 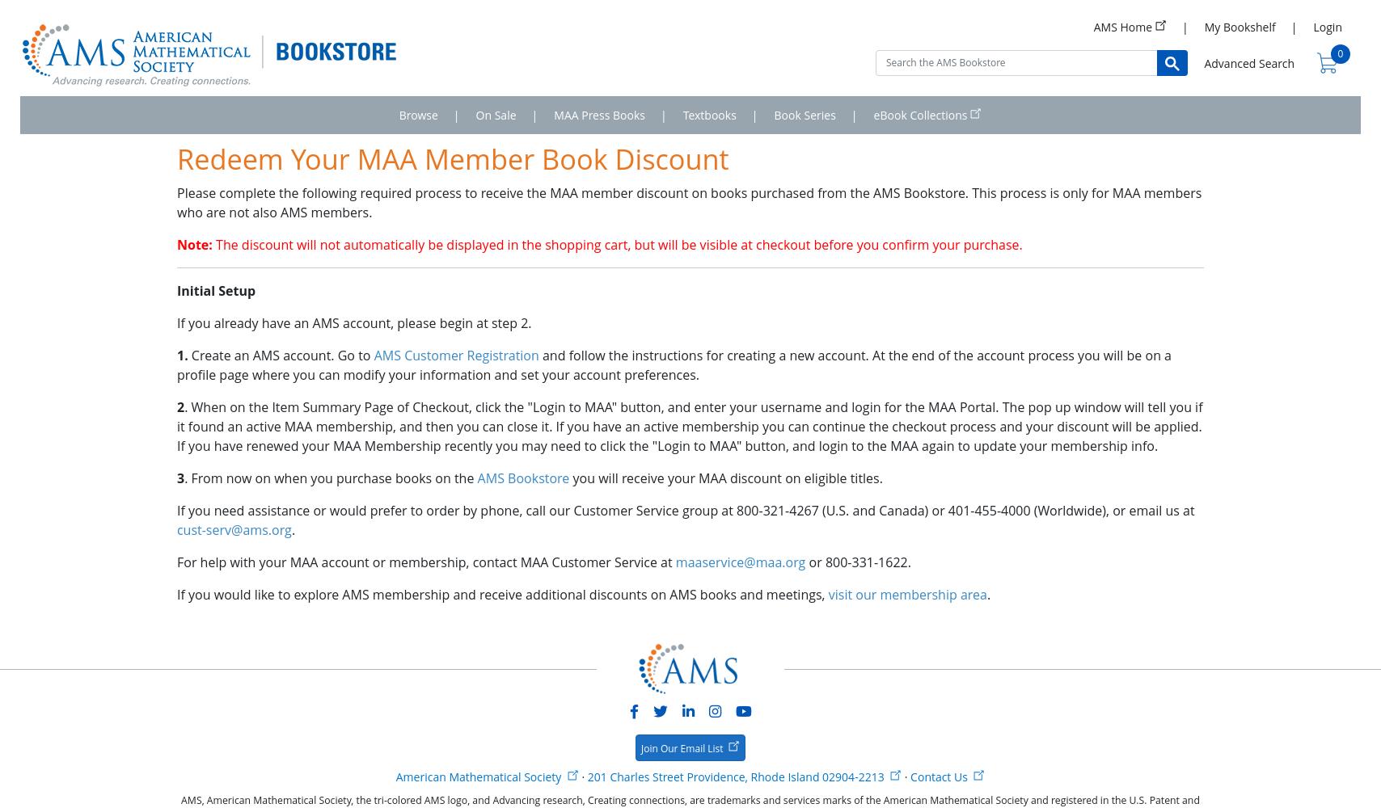 What do you see at coordinates (805, 562) in the screenshot?
I see `'or 800-331-1622.'` at bounding box center [805, 562].